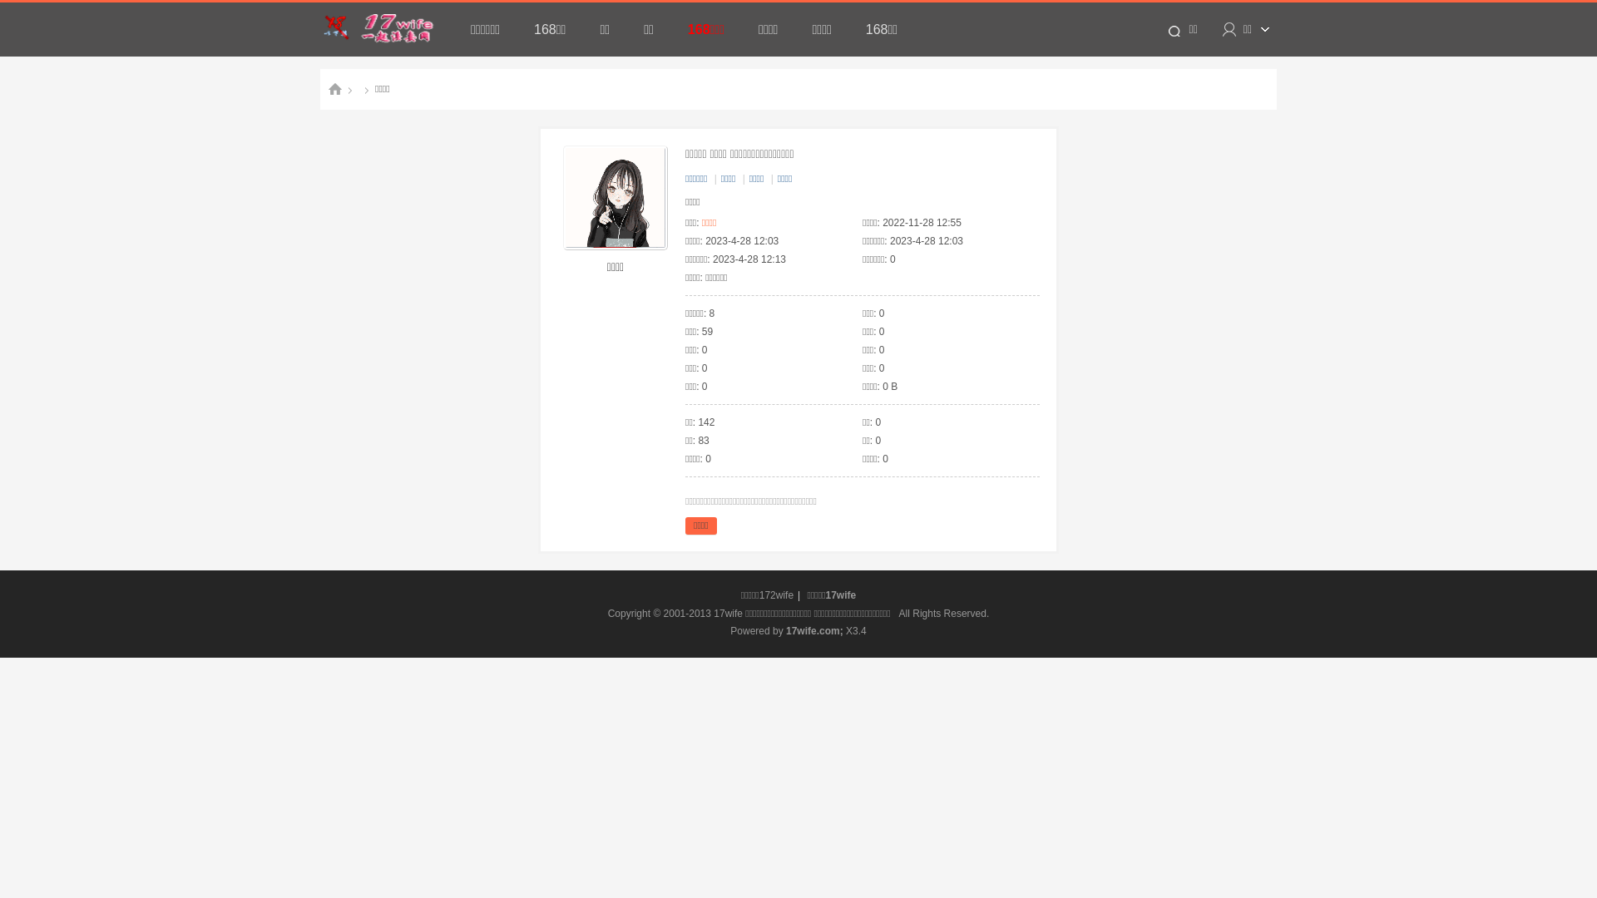 This screenshot has width=1597, height=898. Describe the element at coordinates (814, 631) in the screenshot. I see `'17wife.com;'` at that location.